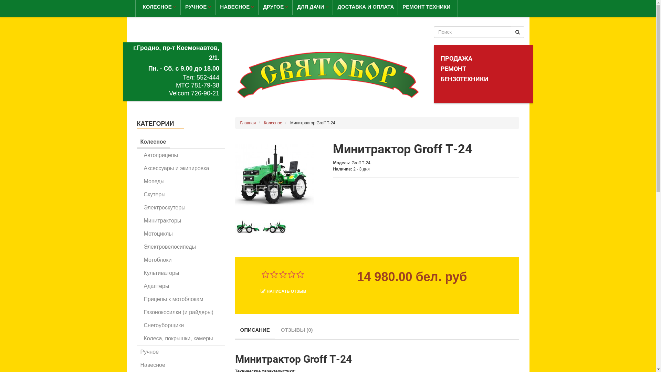  I want to click on '726-90-21', so click(204, 93).